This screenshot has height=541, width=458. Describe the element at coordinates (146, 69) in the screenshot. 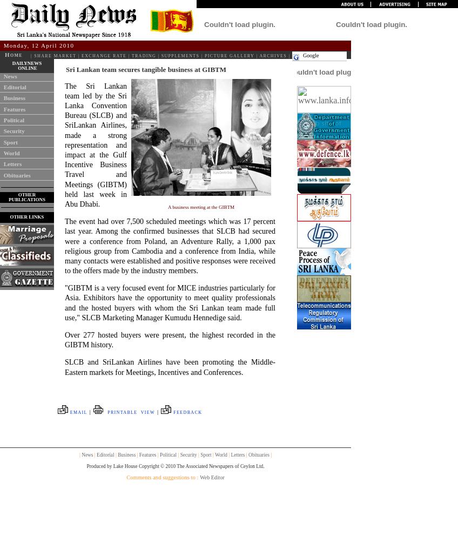

I see `'Sri Lankan team secures tangible business at GIBTM'` at that location.